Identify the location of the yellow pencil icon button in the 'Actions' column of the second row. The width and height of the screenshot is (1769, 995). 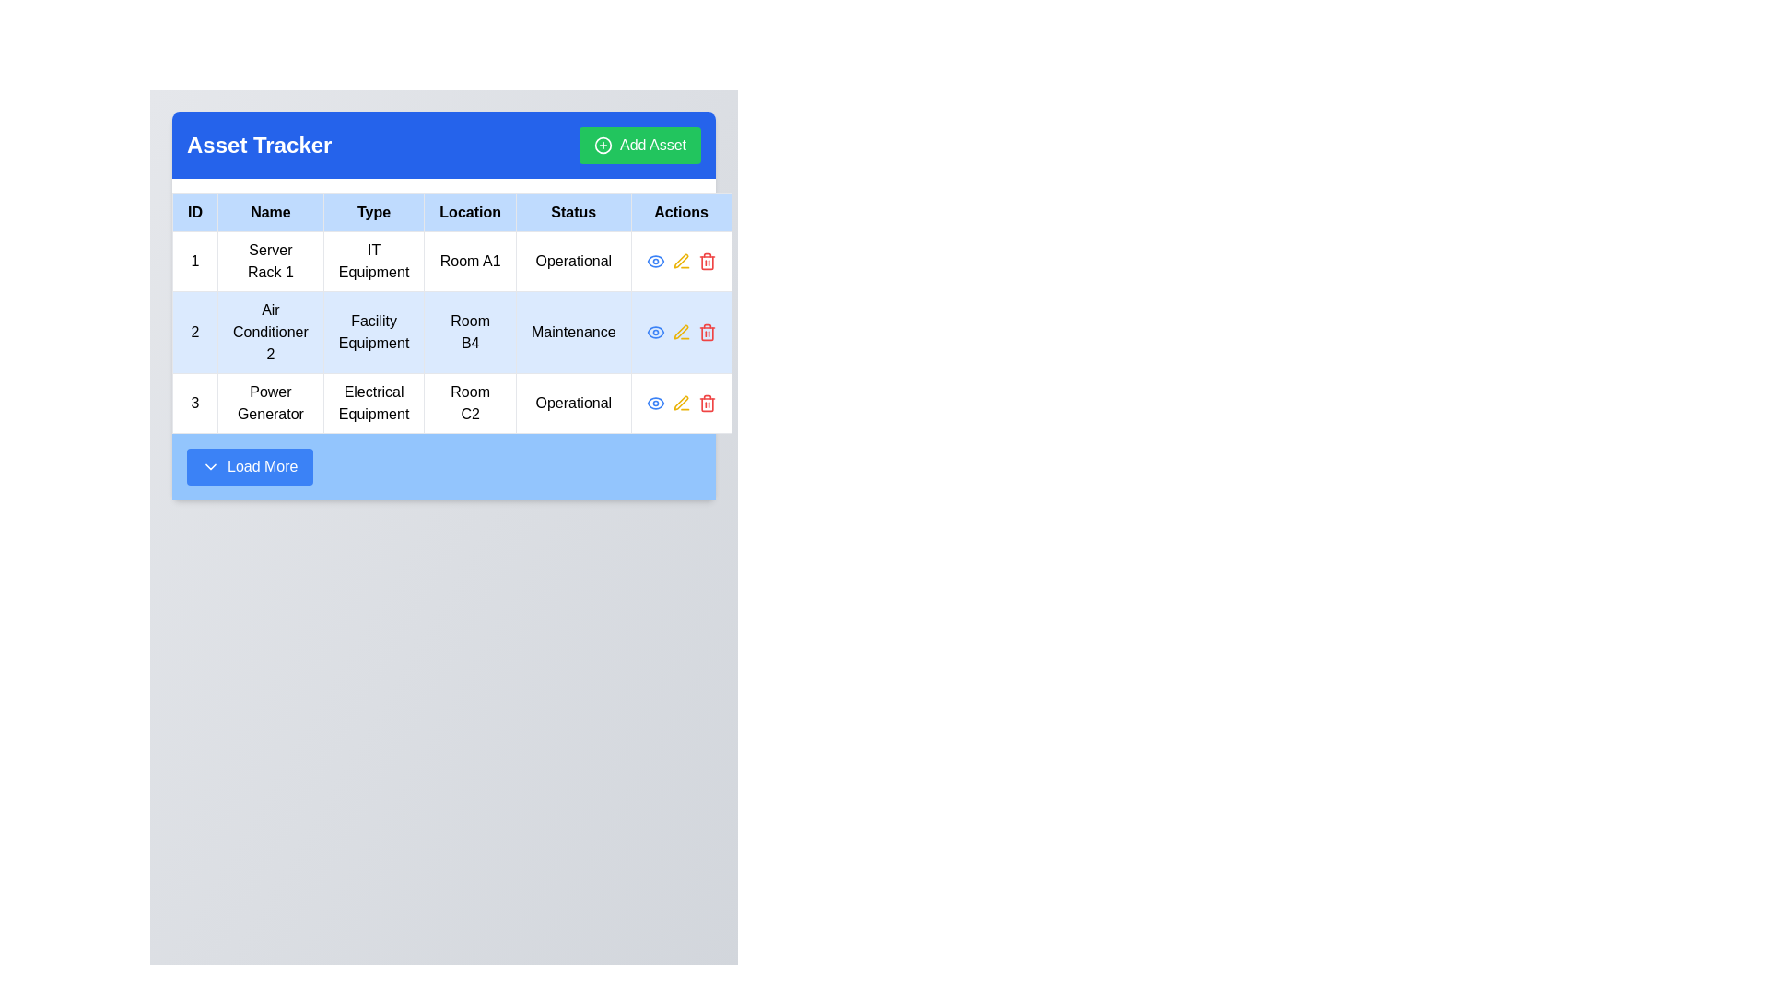
(680, 333).